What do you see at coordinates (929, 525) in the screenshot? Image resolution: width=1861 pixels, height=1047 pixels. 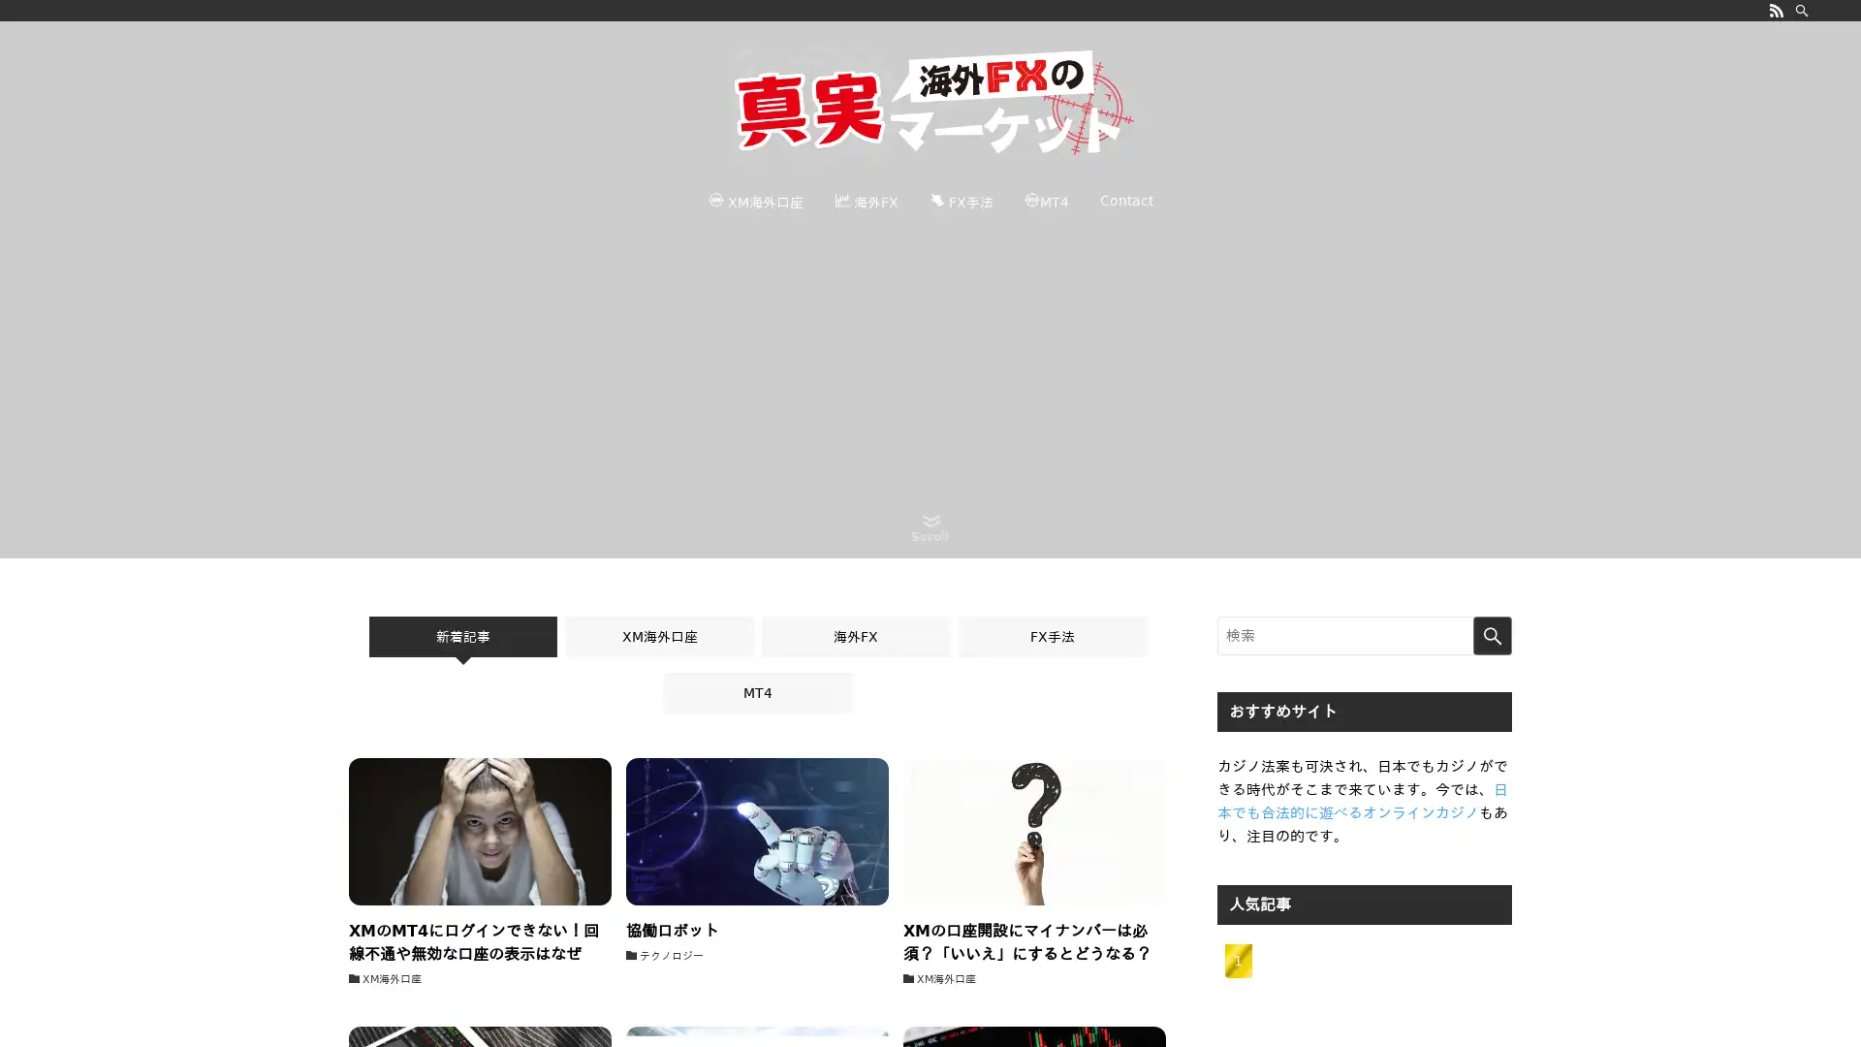 I see `Scroll` at bounding box center [929, 525].